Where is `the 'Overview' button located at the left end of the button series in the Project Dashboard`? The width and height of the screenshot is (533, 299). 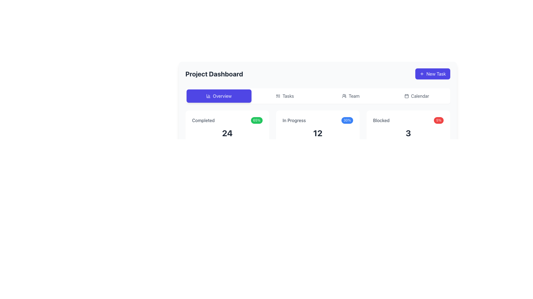 the 'Overview' button located at the left end of the button series in the Project Dashboard is located at coordinates (218, 96).